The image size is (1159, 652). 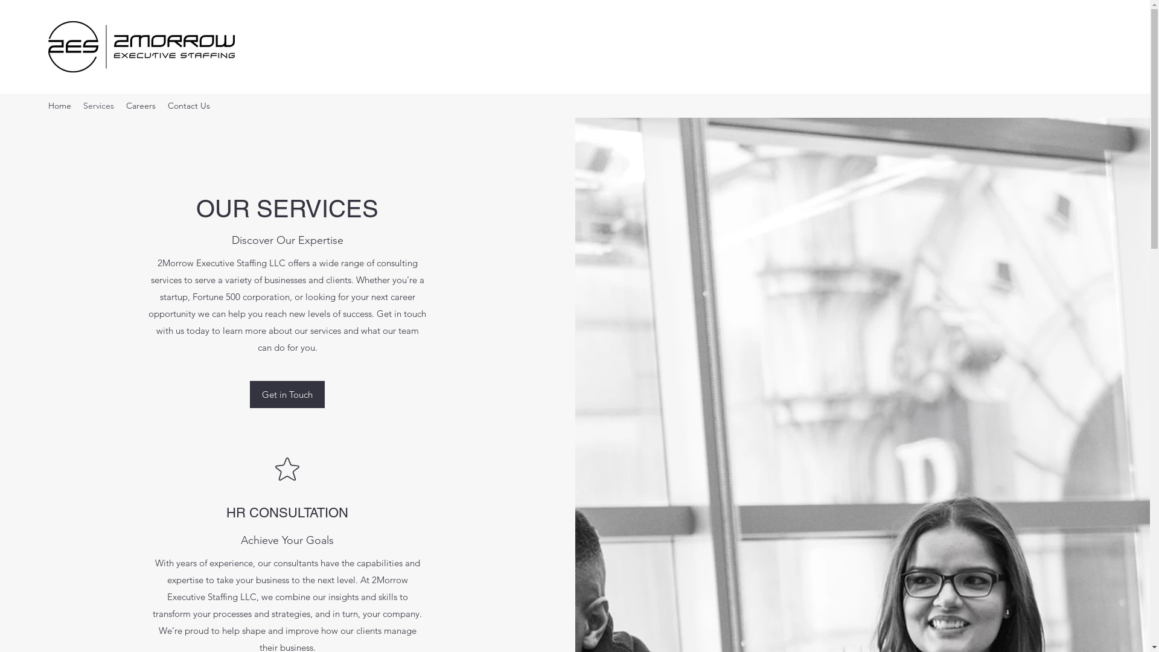 I want to click on 'Get in Touch', so click(x=286, y=394).